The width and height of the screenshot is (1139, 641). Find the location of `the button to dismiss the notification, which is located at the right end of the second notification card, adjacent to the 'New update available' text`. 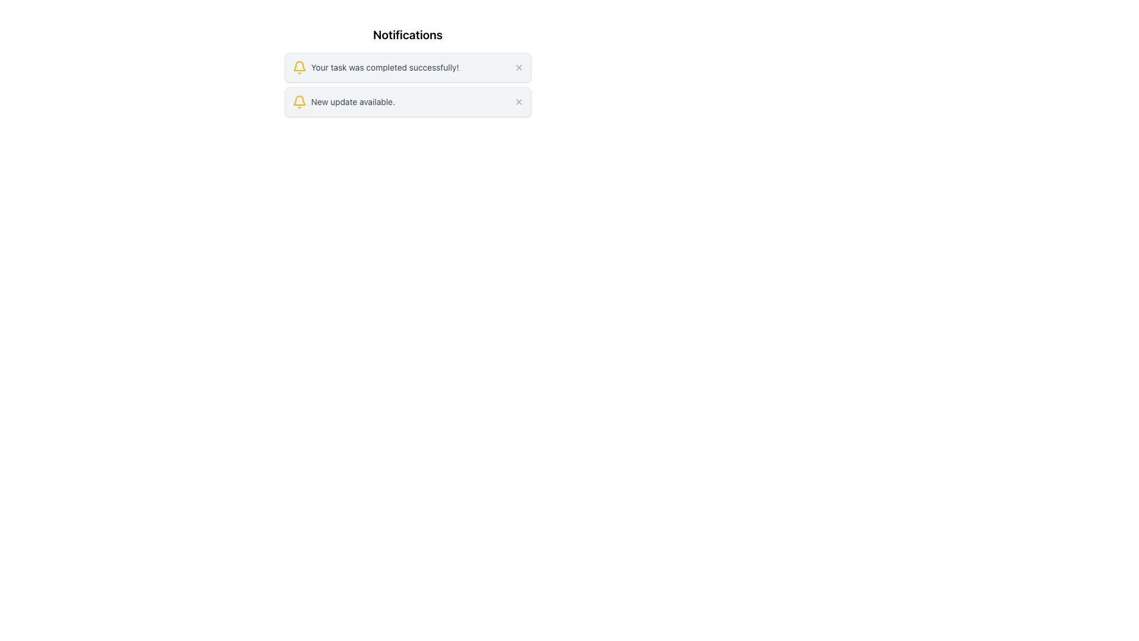

the button to dismiss the notification, which is located at the right end of the second notification card, adjacent to the 'New update available' text is located at coordinates (518, 101).